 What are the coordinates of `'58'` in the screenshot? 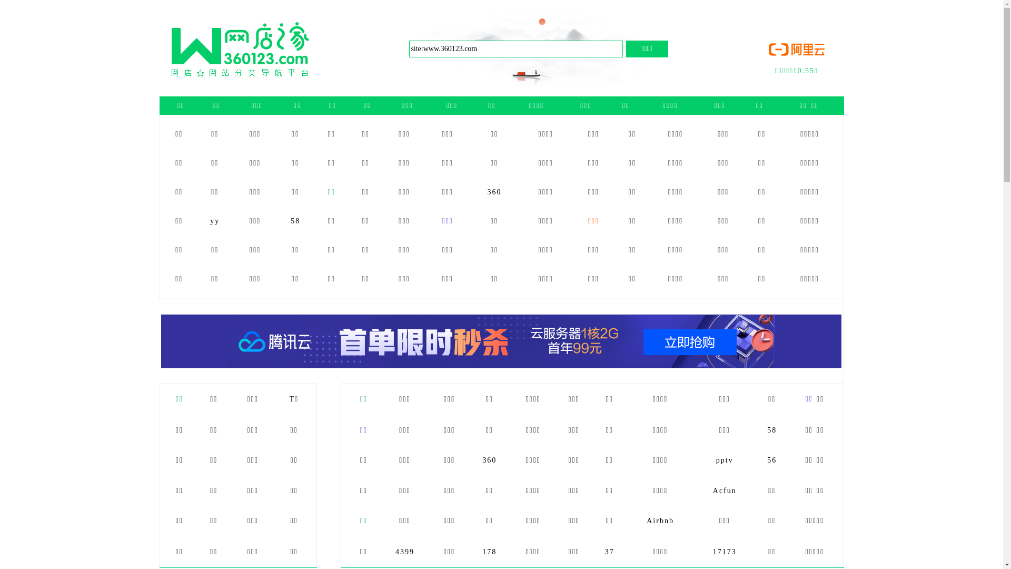 It's located at (295, 220).